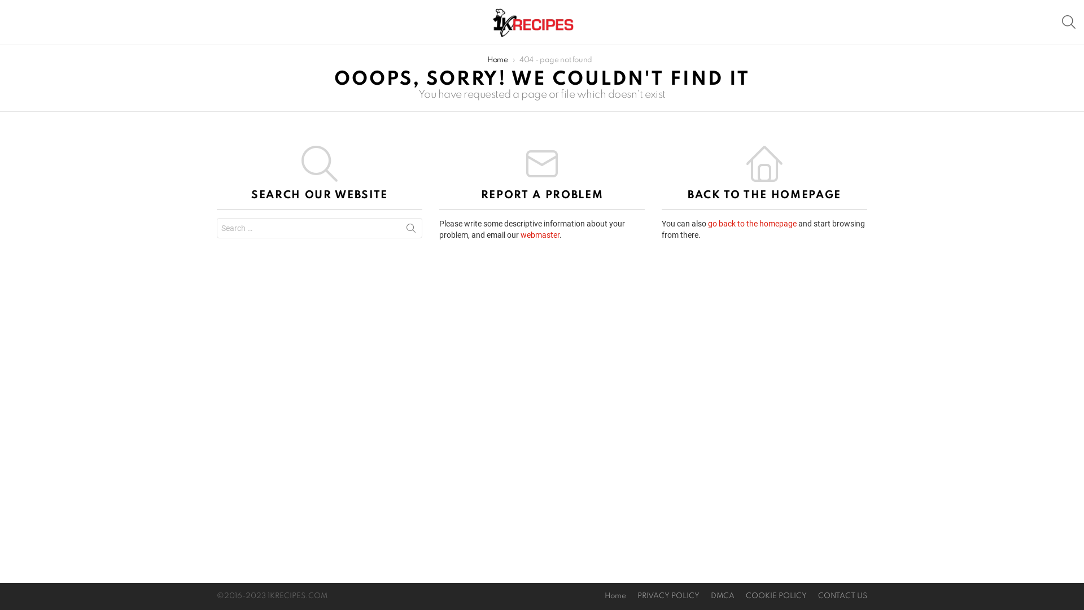 Image resolution: width=1084 pixels, height=610 pixels. I want to click on 'Home', so click(614, 595).